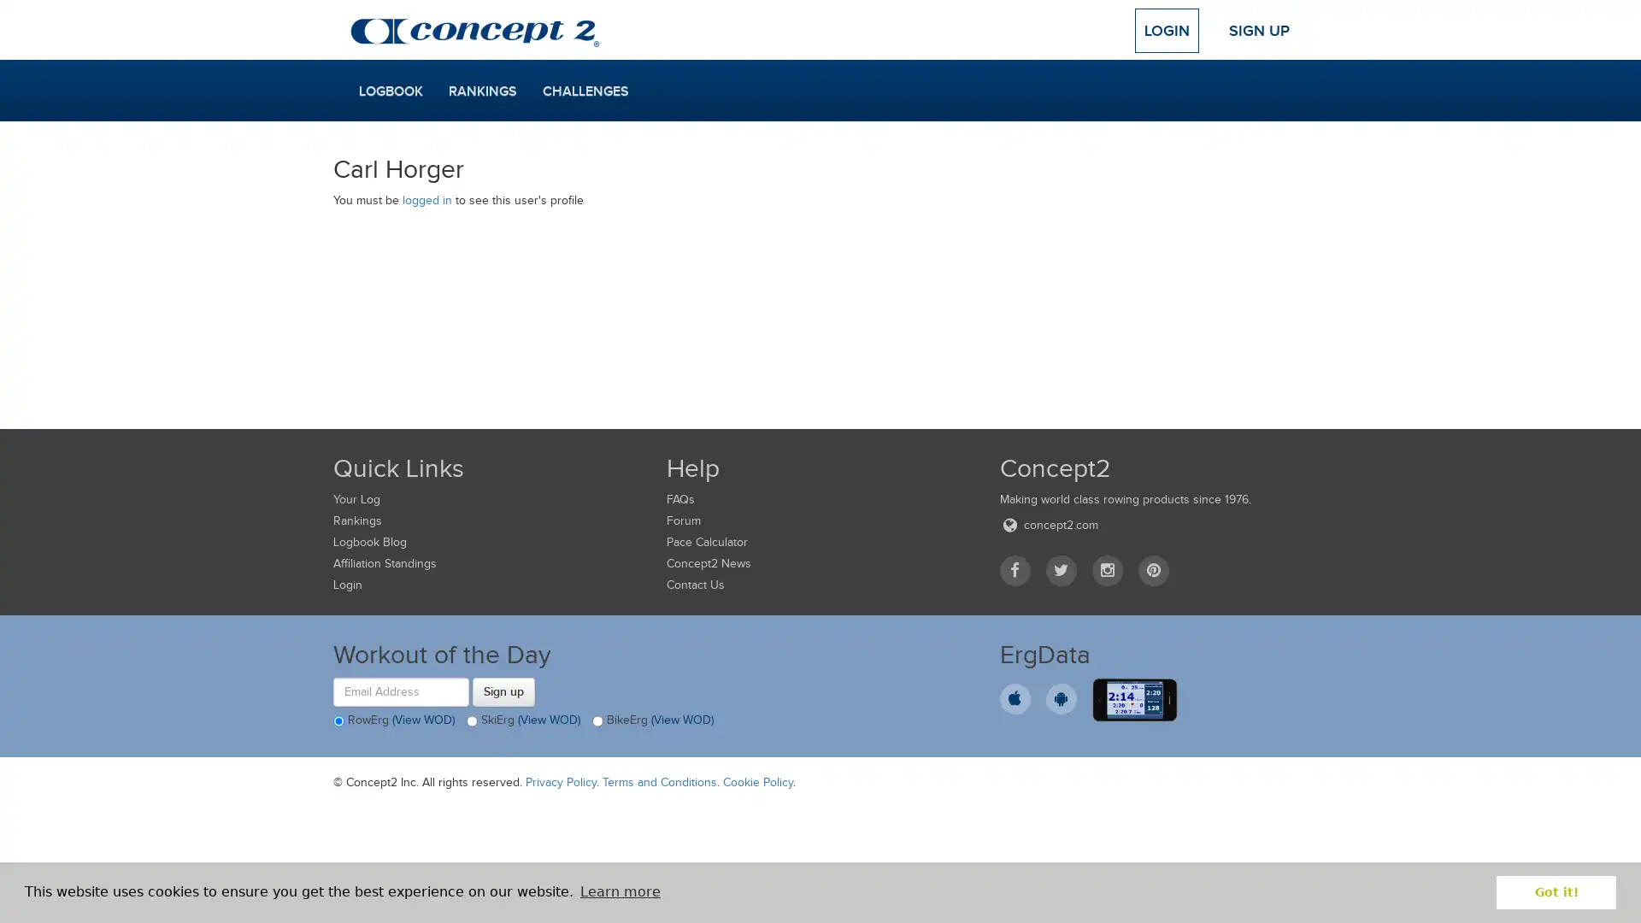  I want to click on Sign up, so click(503, 691).